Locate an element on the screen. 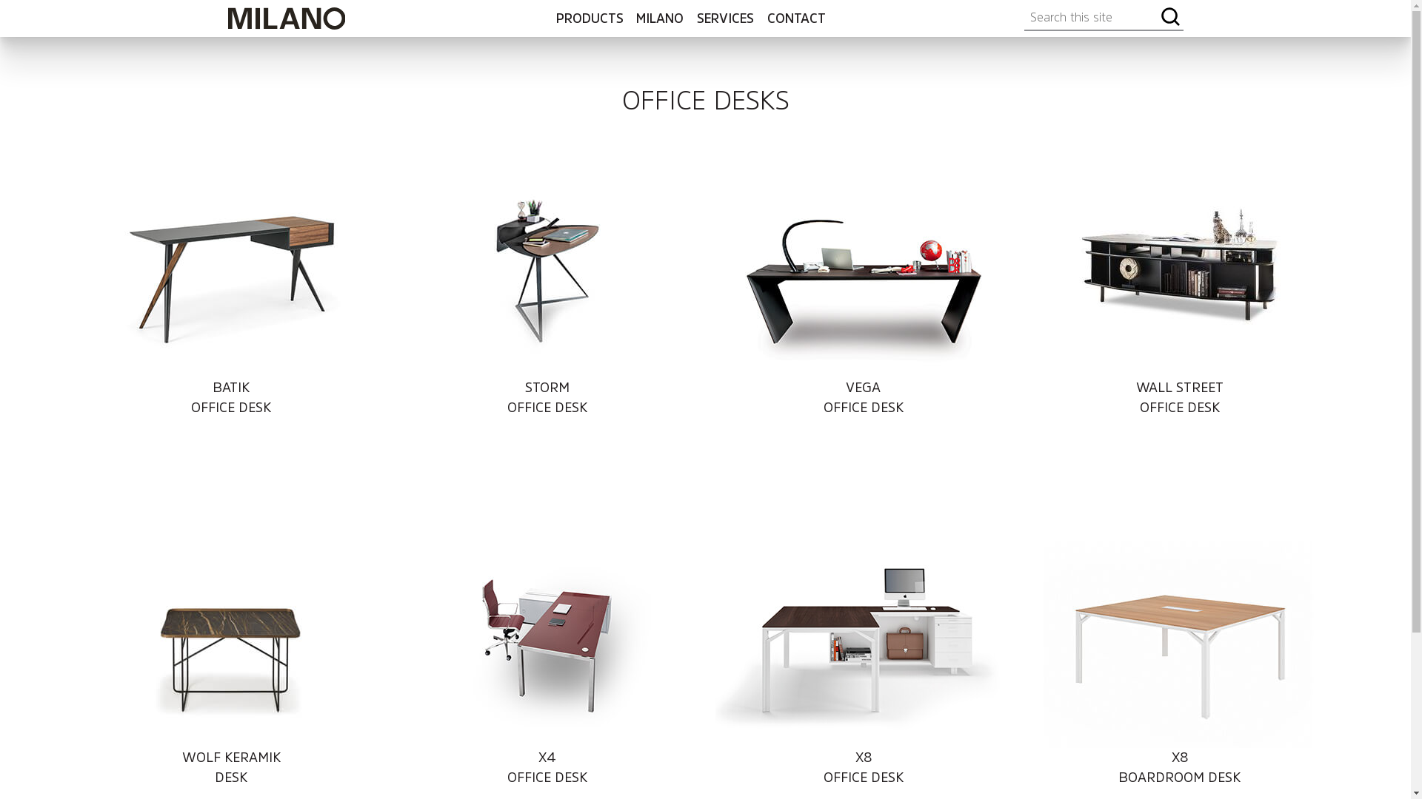  'X4 Office Desk' is located at coordinates (547, 599).